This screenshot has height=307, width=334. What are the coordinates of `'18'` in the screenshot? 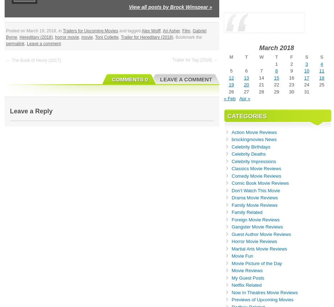 It's located at (319, 77).